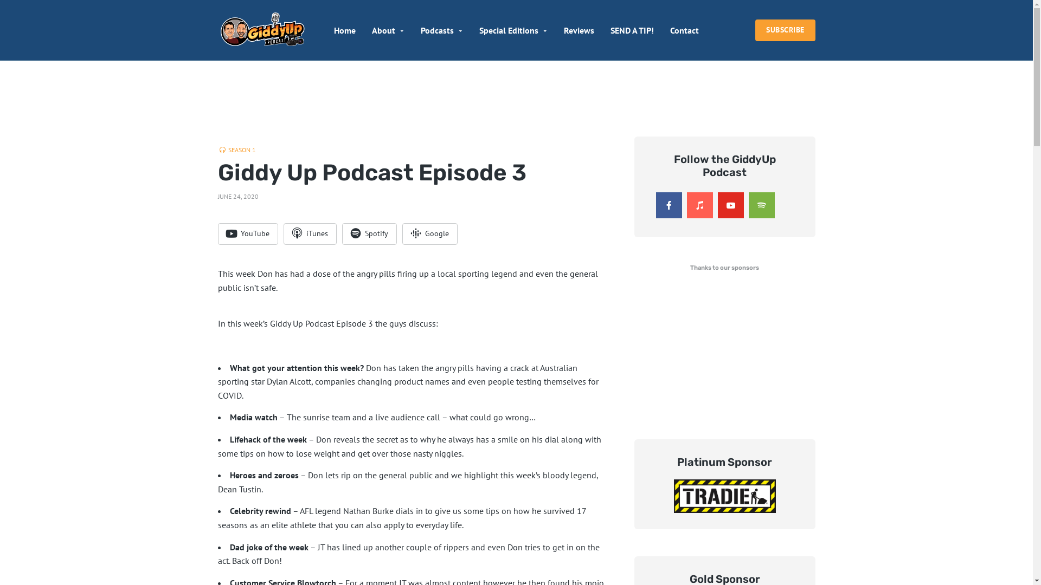  What do you see at coordinates (655, 205) in the screenshot?
I see `'facebook'` at bounding box center [655, 205].